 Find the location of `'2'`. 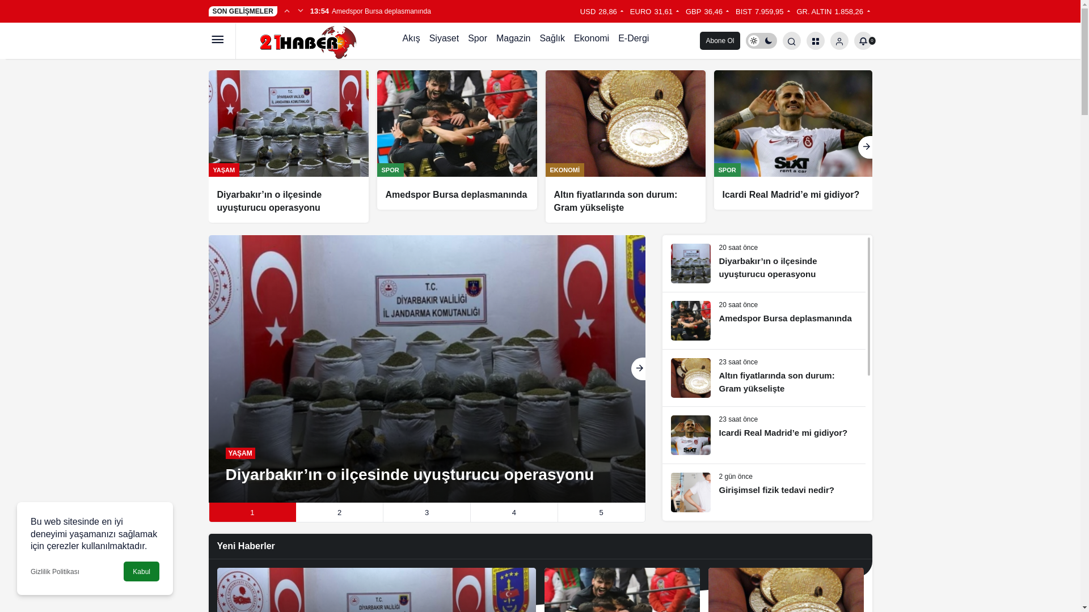

'2' is located at coordinates (339, 512).